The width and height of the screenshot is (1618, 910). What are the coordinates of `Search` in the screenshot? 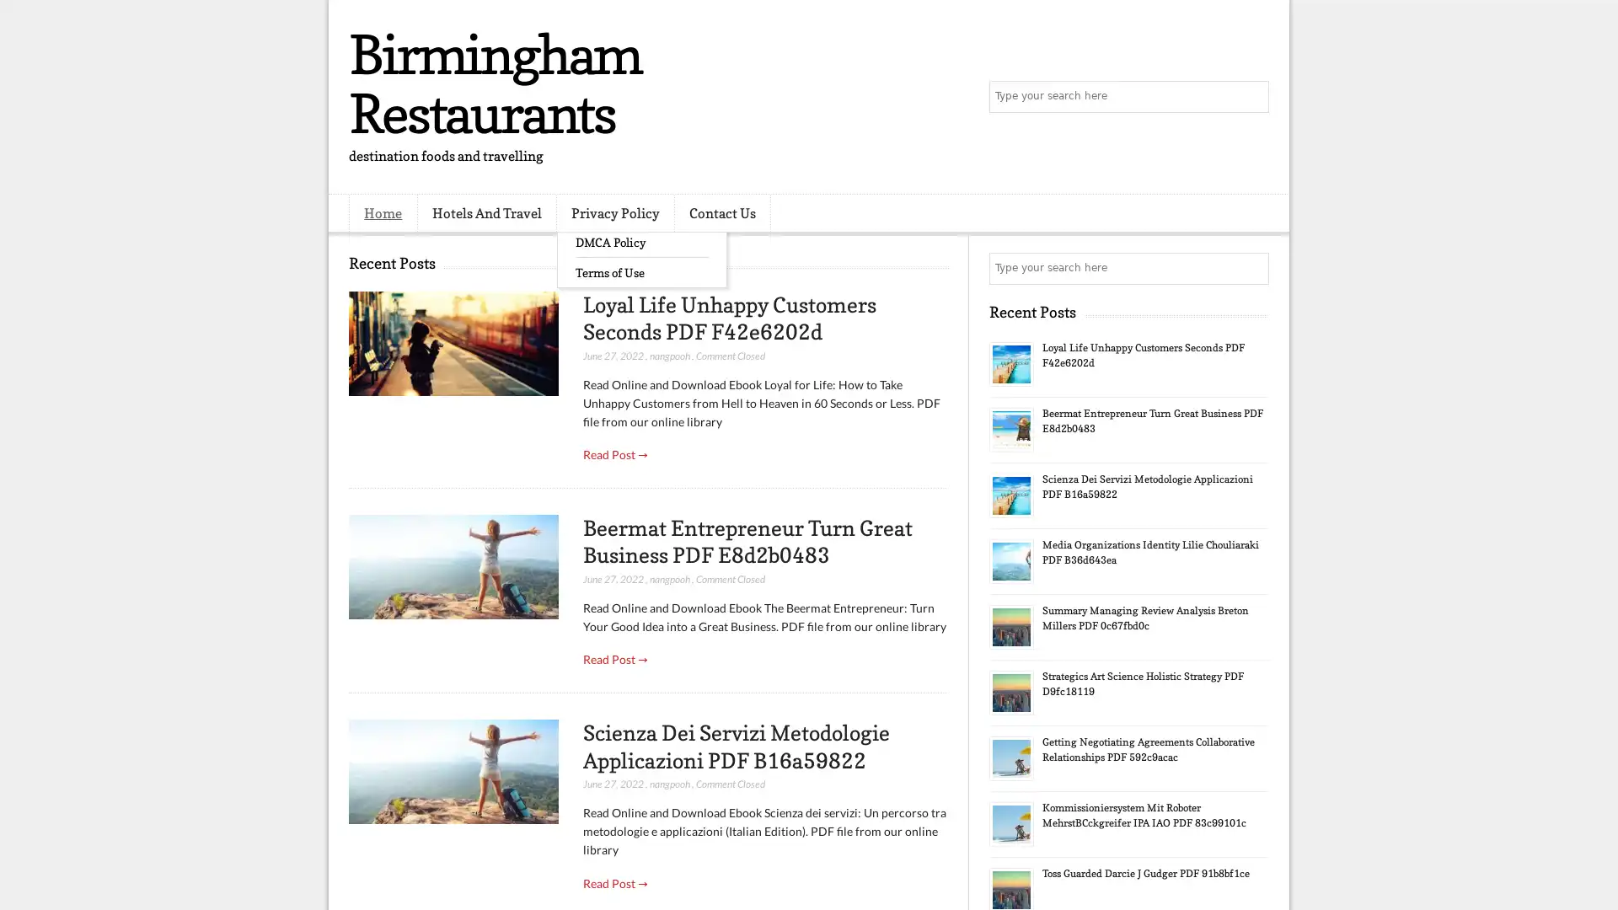 It's located at (1251, 268).